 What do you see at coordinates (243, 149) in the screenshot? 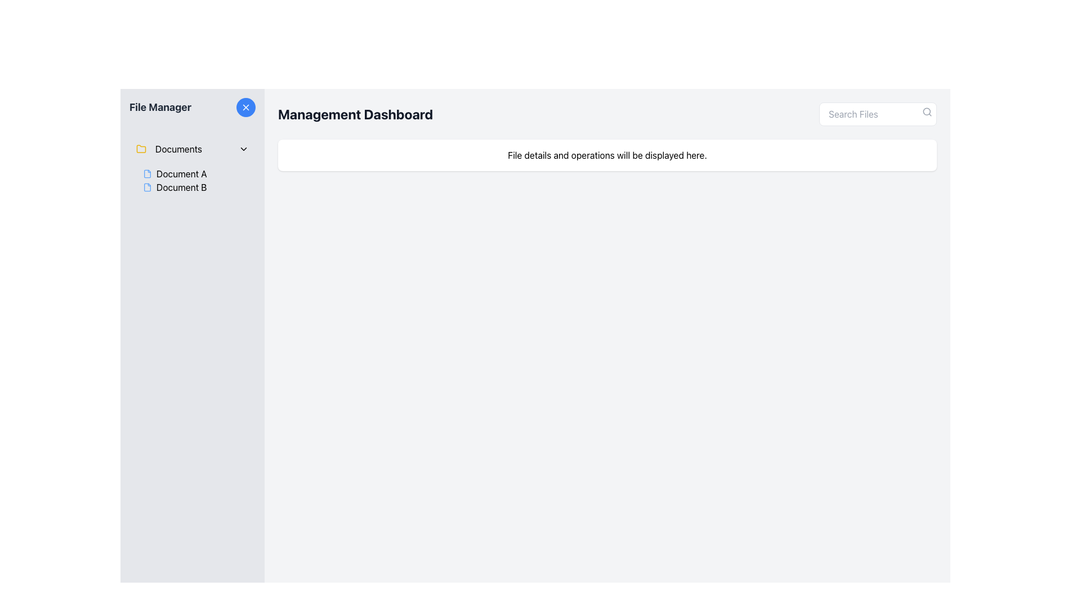
I see `the Dropdown toggle icon located to the far-right of the 'Documents' label in the File Manager section` at bounding box center [243, 149].